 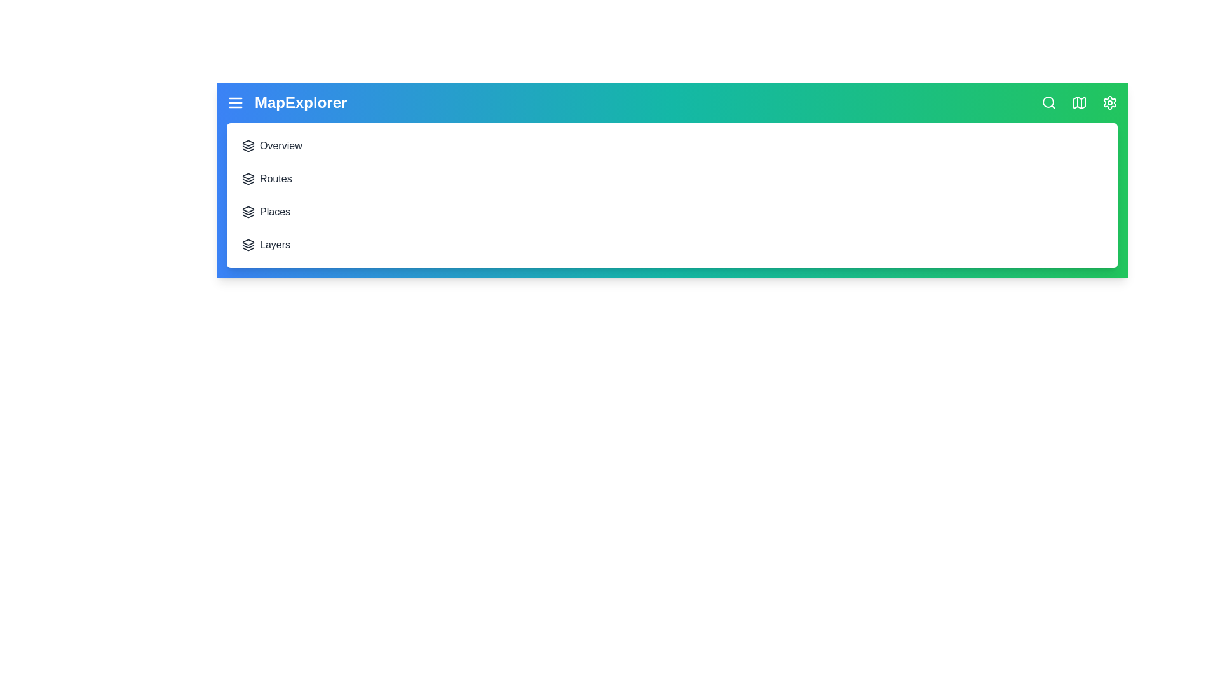 What do you see at coordinates (1109, 102) in the screenshot?
I see `the settings icon to open the Preferences section` at bounding box center [1109, 102].